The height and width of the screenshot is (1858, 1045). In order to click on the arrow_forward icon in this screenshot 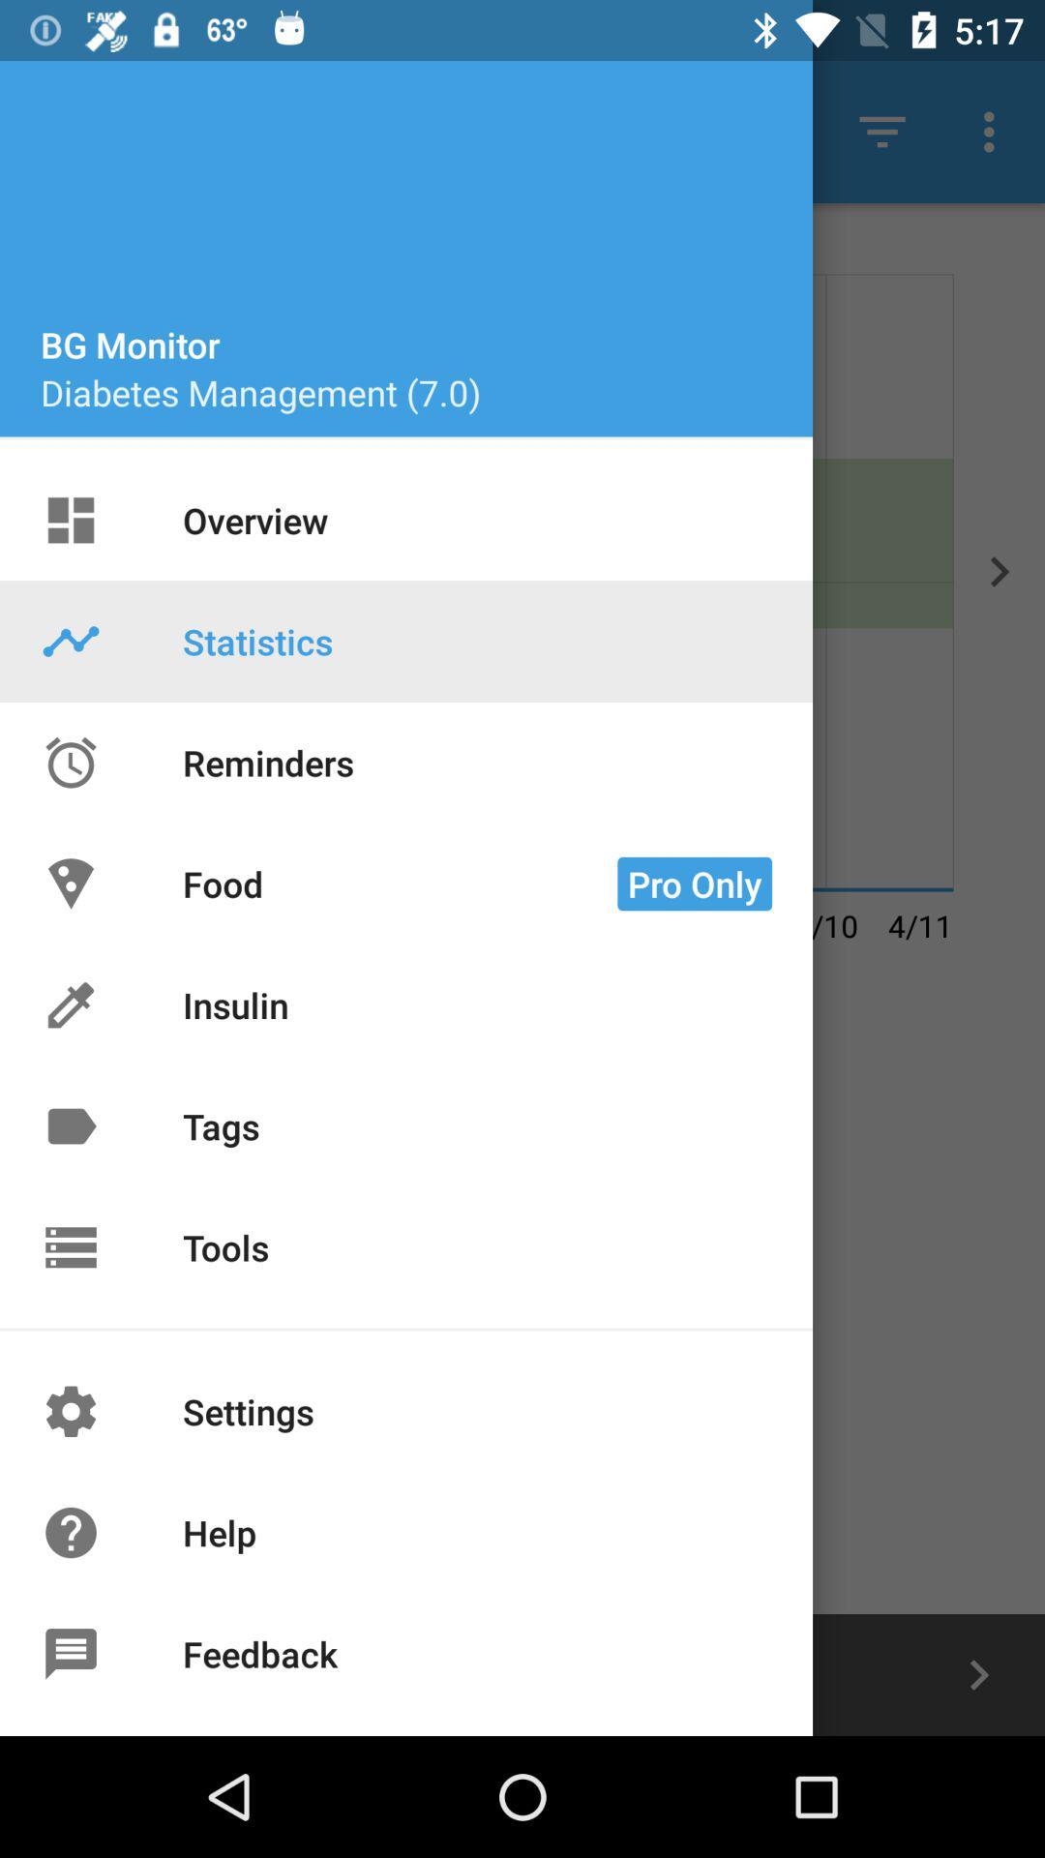, I will do `click(978, 1674)`.